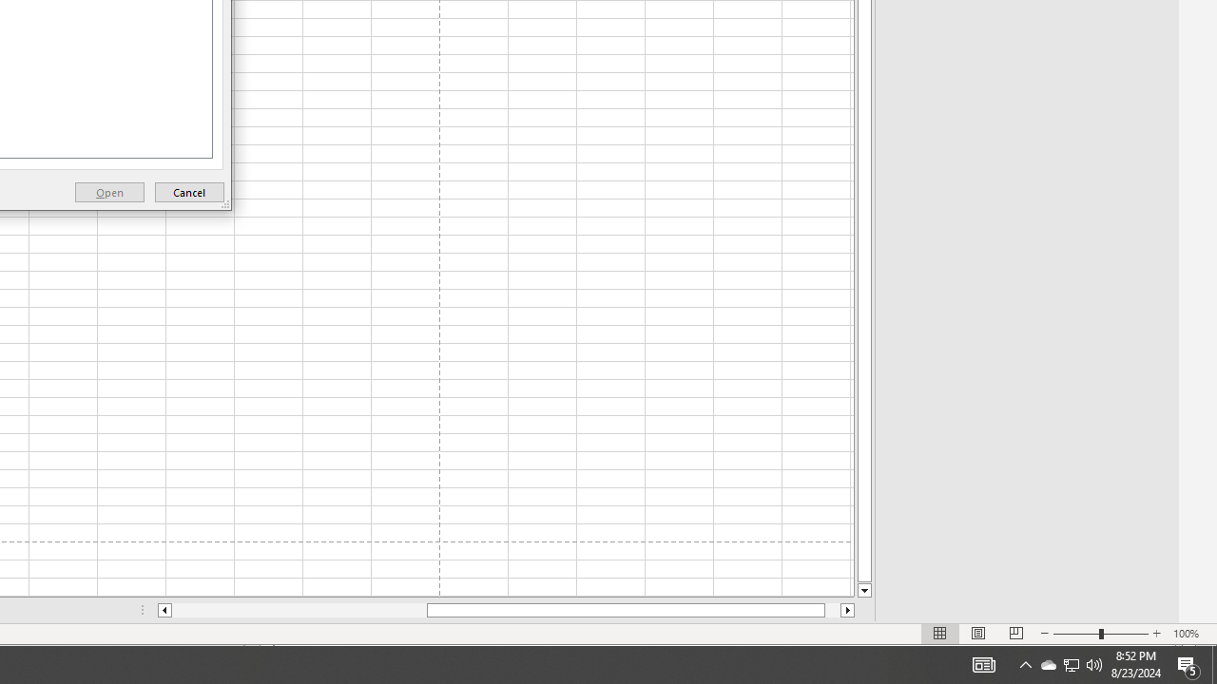 The height and width of the screenshot is (684, 1217). I want to click on 'User Promoted Notification Area', so click(1025, 663).